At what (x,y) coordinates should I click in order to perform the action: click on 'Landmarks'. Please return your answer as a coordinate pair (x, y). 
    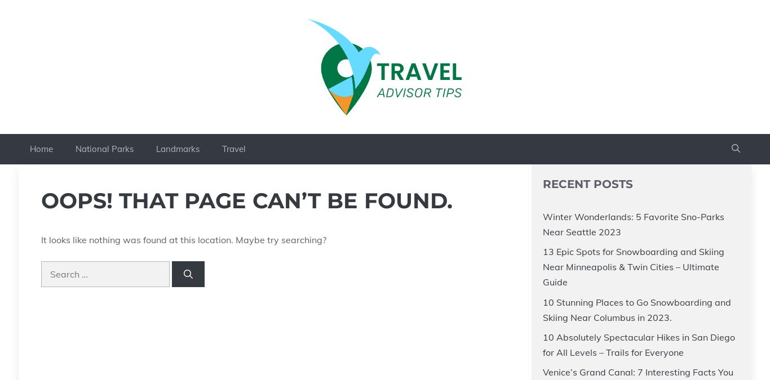
    Looking at the image, I should click on (178, 147).